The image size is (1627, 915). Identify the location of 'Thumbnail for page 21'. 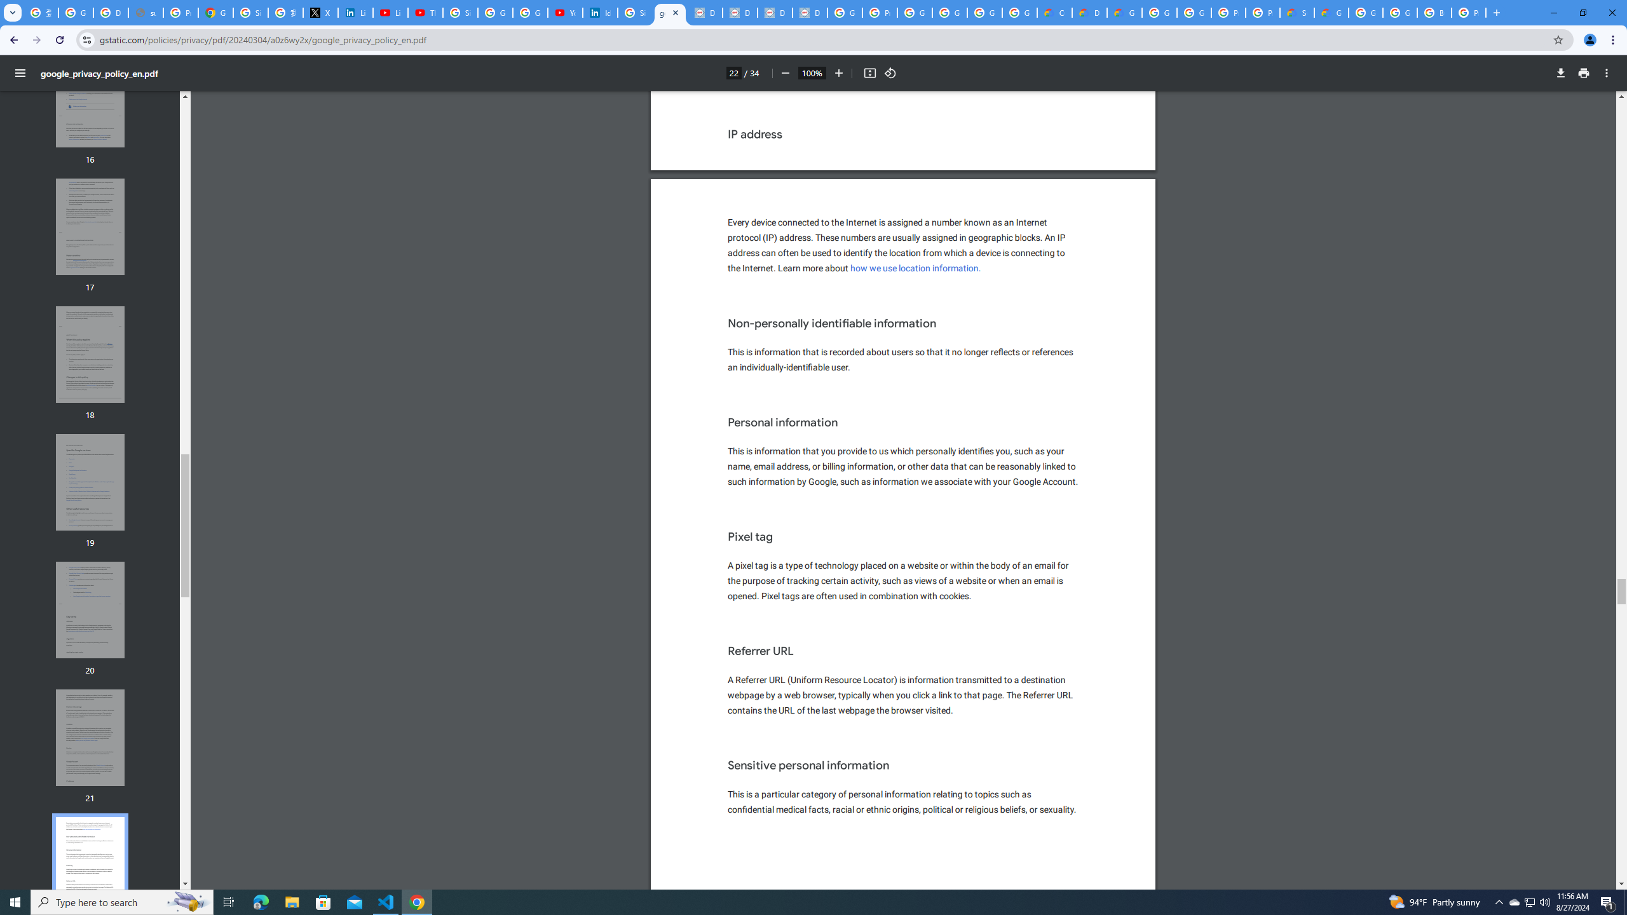
(90, 737).